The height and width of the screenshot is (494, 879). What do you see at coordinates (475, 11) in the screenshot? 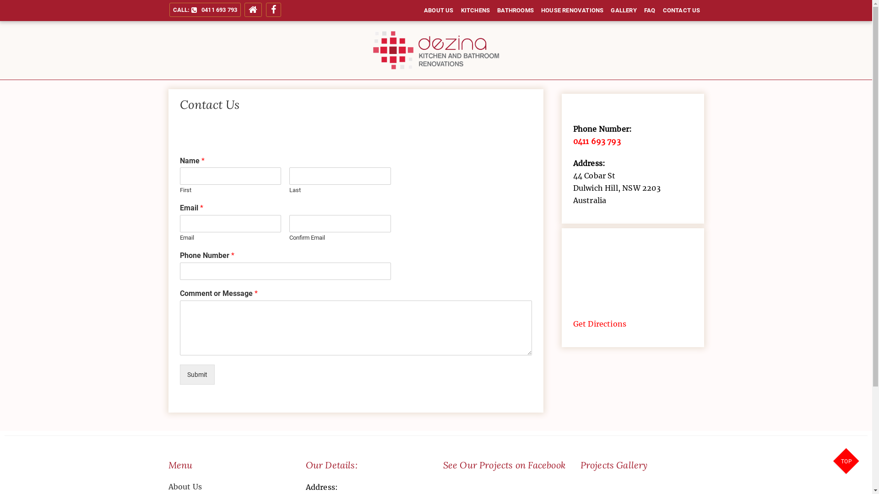
I see `'KITCHENS'` at bounding box center [475, 11].